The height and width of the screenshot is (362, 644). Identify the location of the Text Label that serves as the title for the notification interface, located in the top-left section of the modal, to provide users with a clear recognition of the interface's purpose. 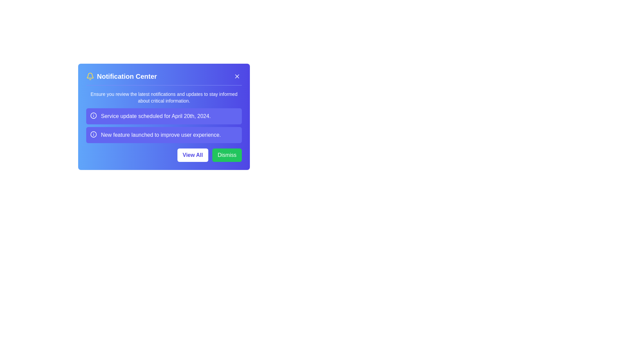
(127, 76).